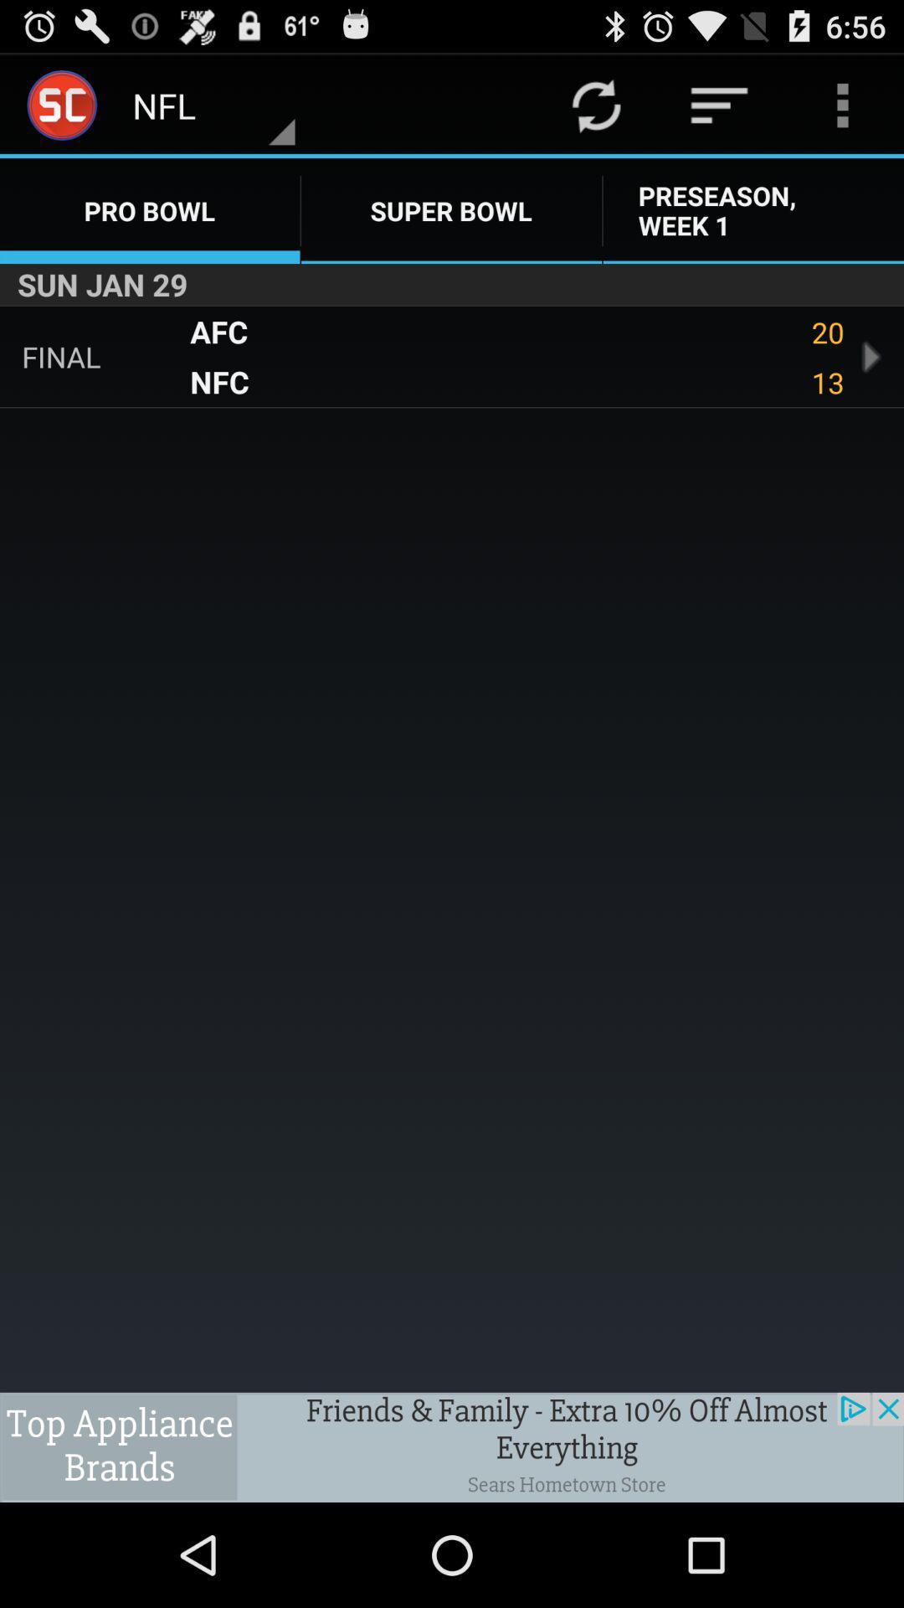 This screenshot has width=904, height=1608. Describe the element at coordinates (452, 1446) in the screenshot. I see `announcement` at that location.